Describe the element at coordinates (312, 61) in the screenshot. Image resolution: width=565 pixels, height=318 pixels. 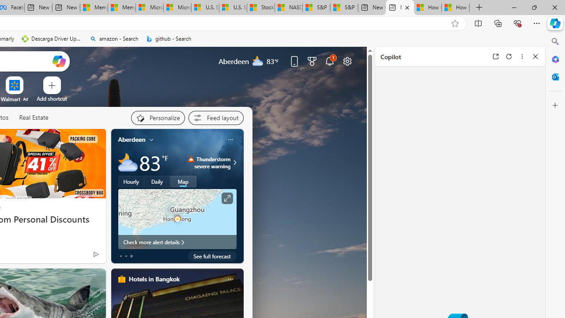
I see `'Microsoft rewards'` at that location.